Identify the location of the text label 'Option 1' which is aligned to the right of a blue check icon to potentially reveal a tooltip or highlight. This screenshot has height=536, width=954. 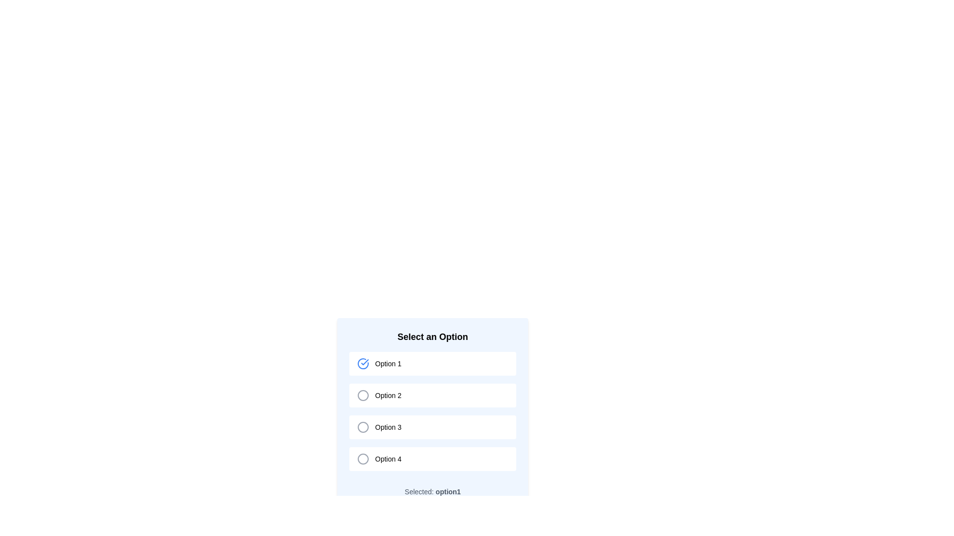
(388, 363).